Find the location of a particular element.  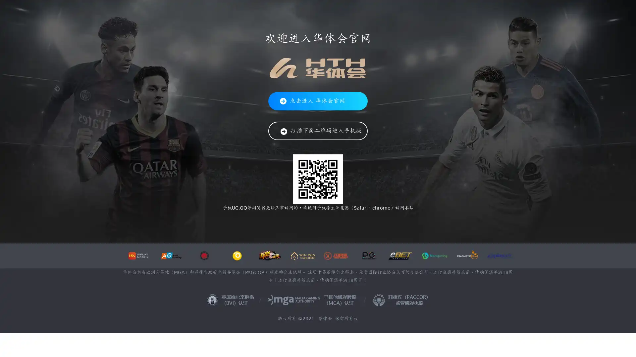

19 is located at coordinates (400, 220).